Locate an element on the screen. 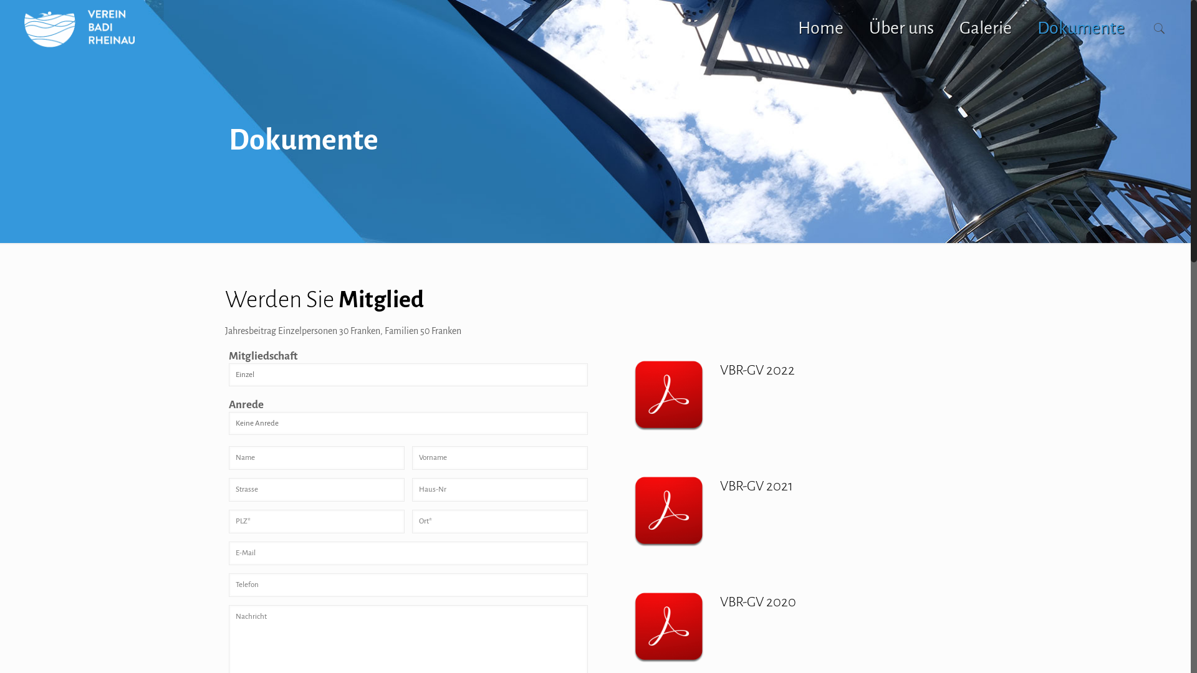 This screenshot has width=1197, height=673. 'Galerie' is located at coordinates (946, 28).